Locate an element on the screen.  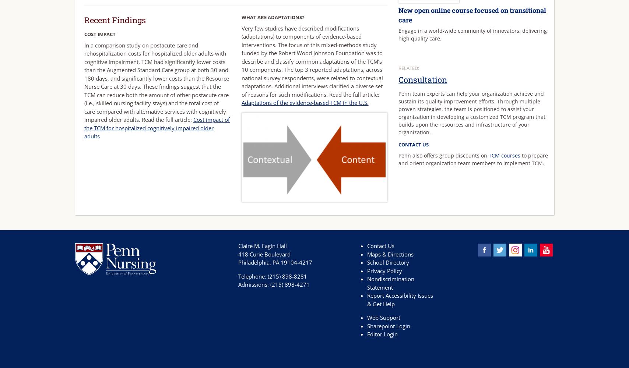
'(215) 898-4271' is located at coordinates (290, 284).